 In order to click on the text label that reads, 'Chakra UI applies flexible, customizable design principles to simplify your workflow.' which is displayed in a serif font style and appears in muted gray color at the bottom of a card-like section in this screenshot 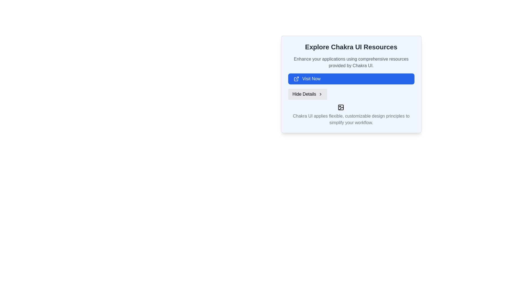, I will do `click(351, 115)`.